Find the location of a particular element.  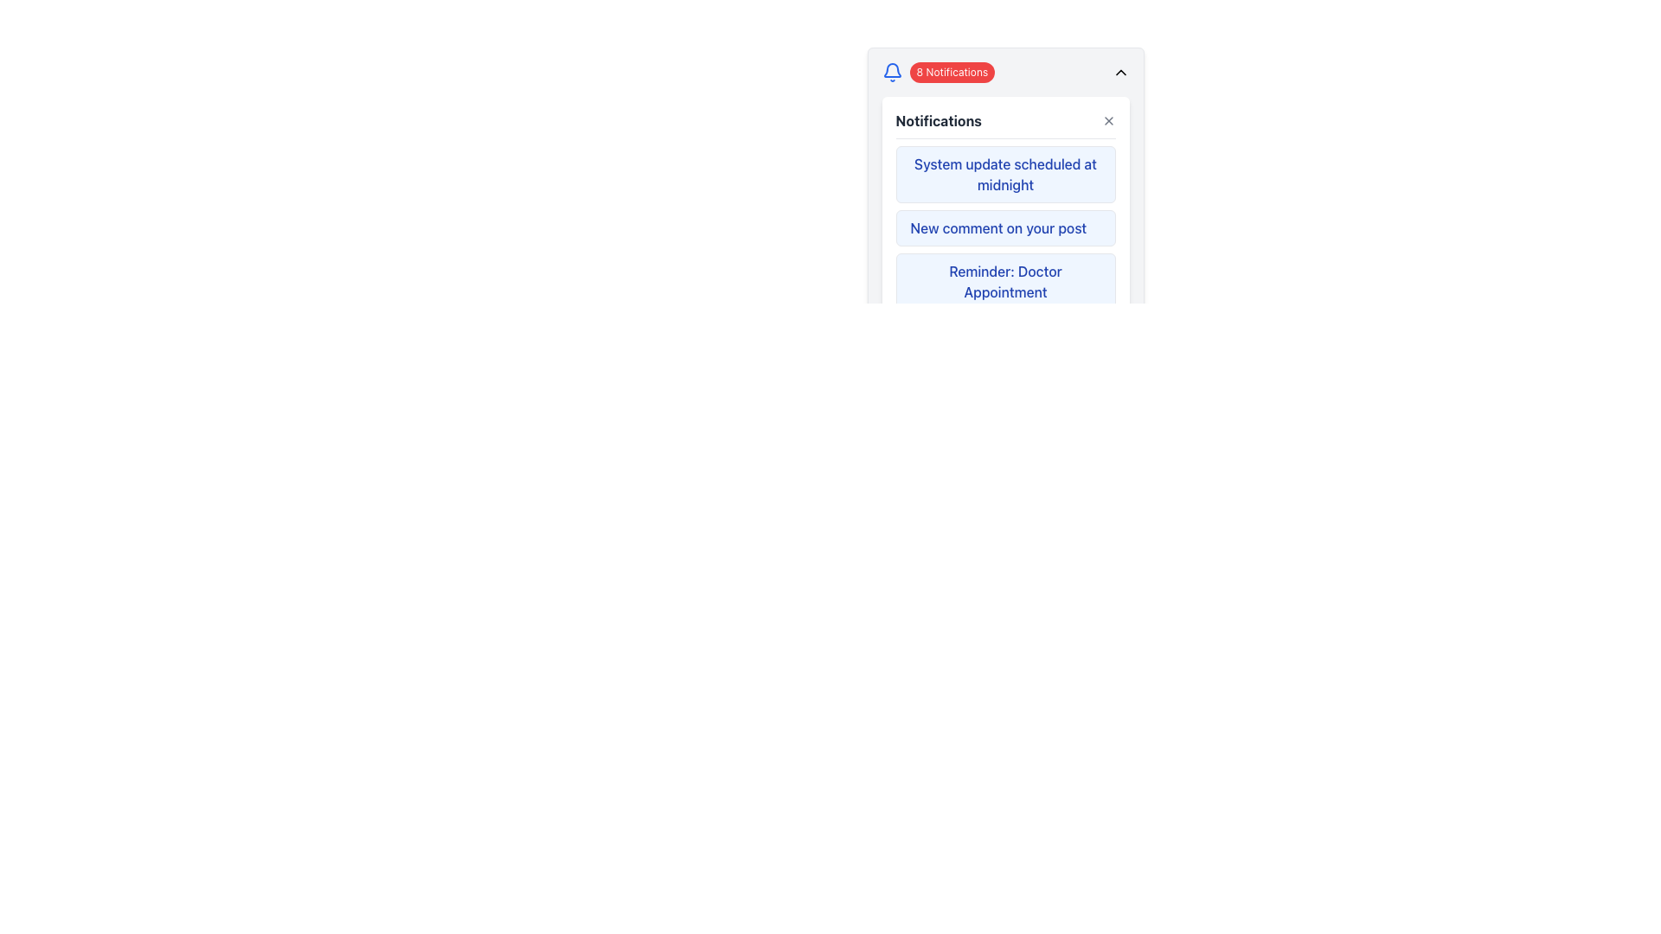

the Badge with Icon located at the top-left corner of the notification panel is located at coordinates (937, 72).